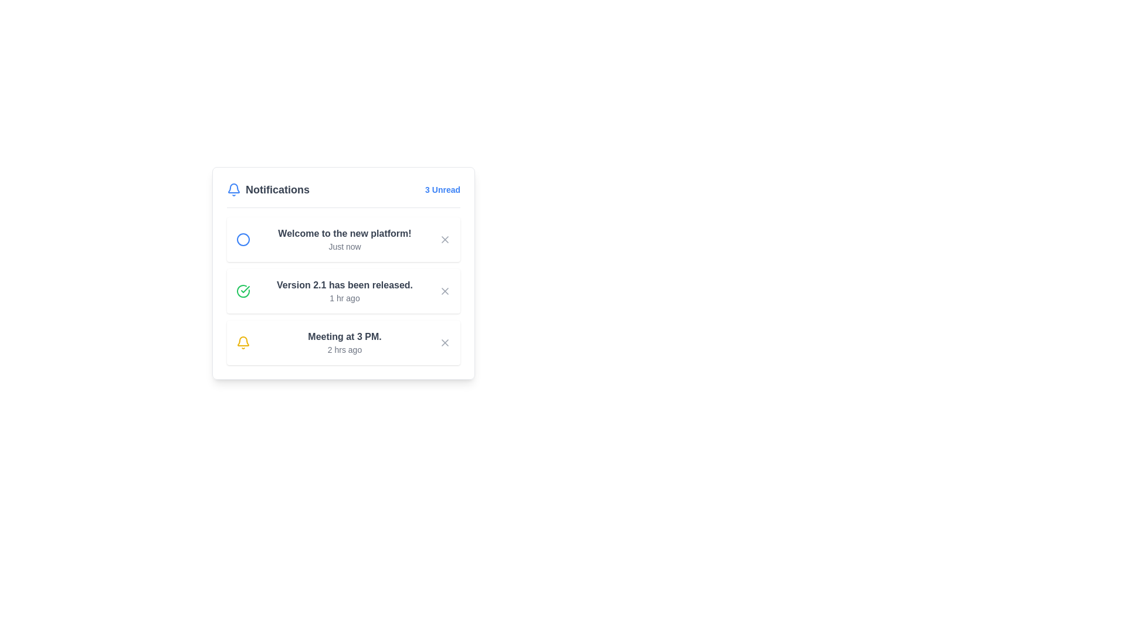 This screenshot has height=633, width=1126. I want to click on the Notification card that informs the user about a recent event or update, located below the 'Welcome to the new platform!' card and above the 'Meeting at 3 PM.' card, so click(342, 273).